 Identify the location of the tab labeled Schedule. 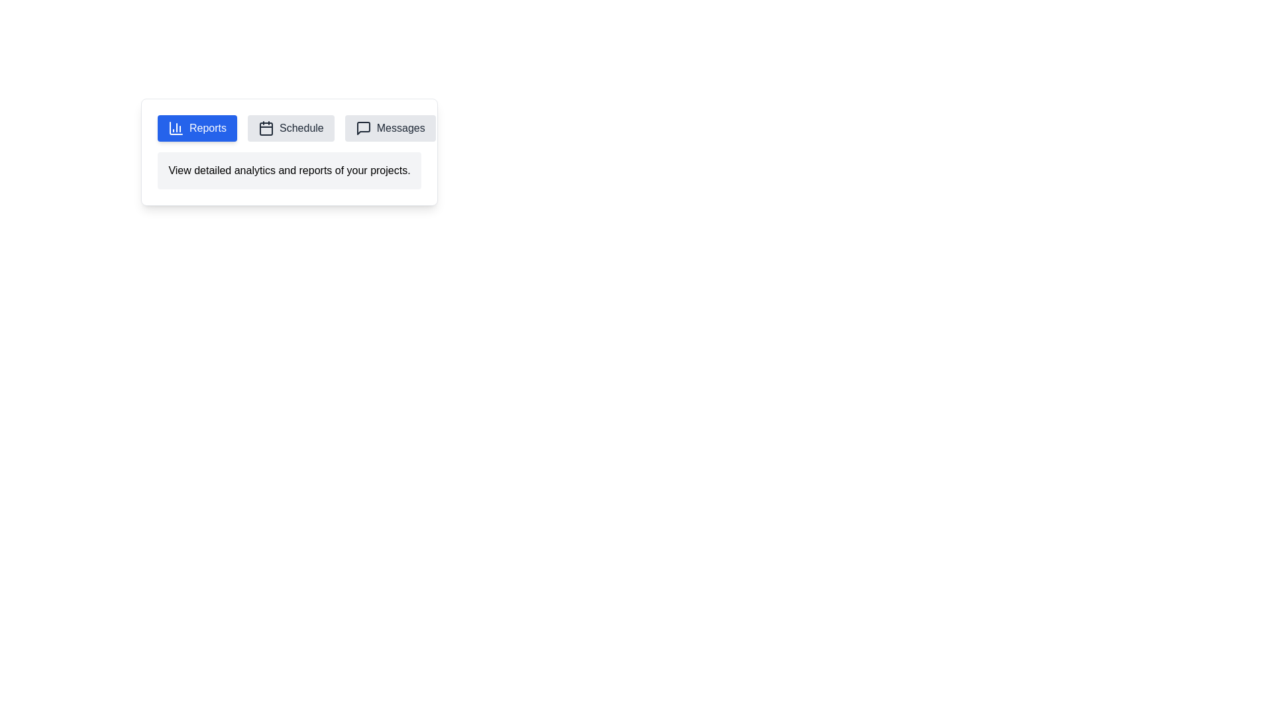
(290, 128).